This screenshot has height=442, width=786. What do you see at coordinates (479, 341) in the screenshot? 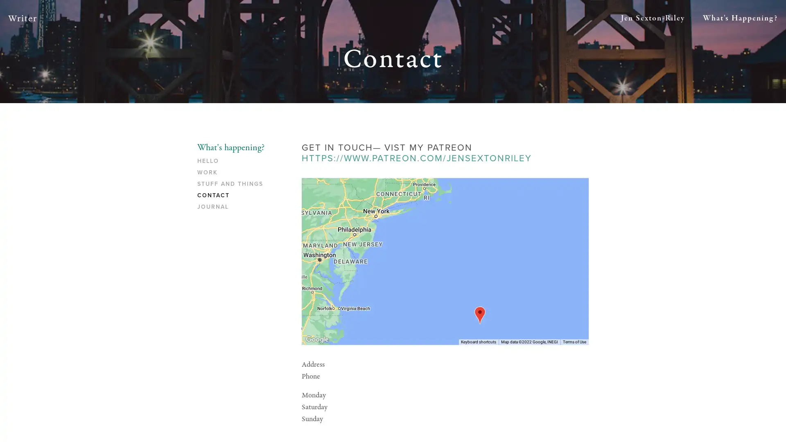
I see `Keyboard shortcuts` at bounding box center [479, 341].